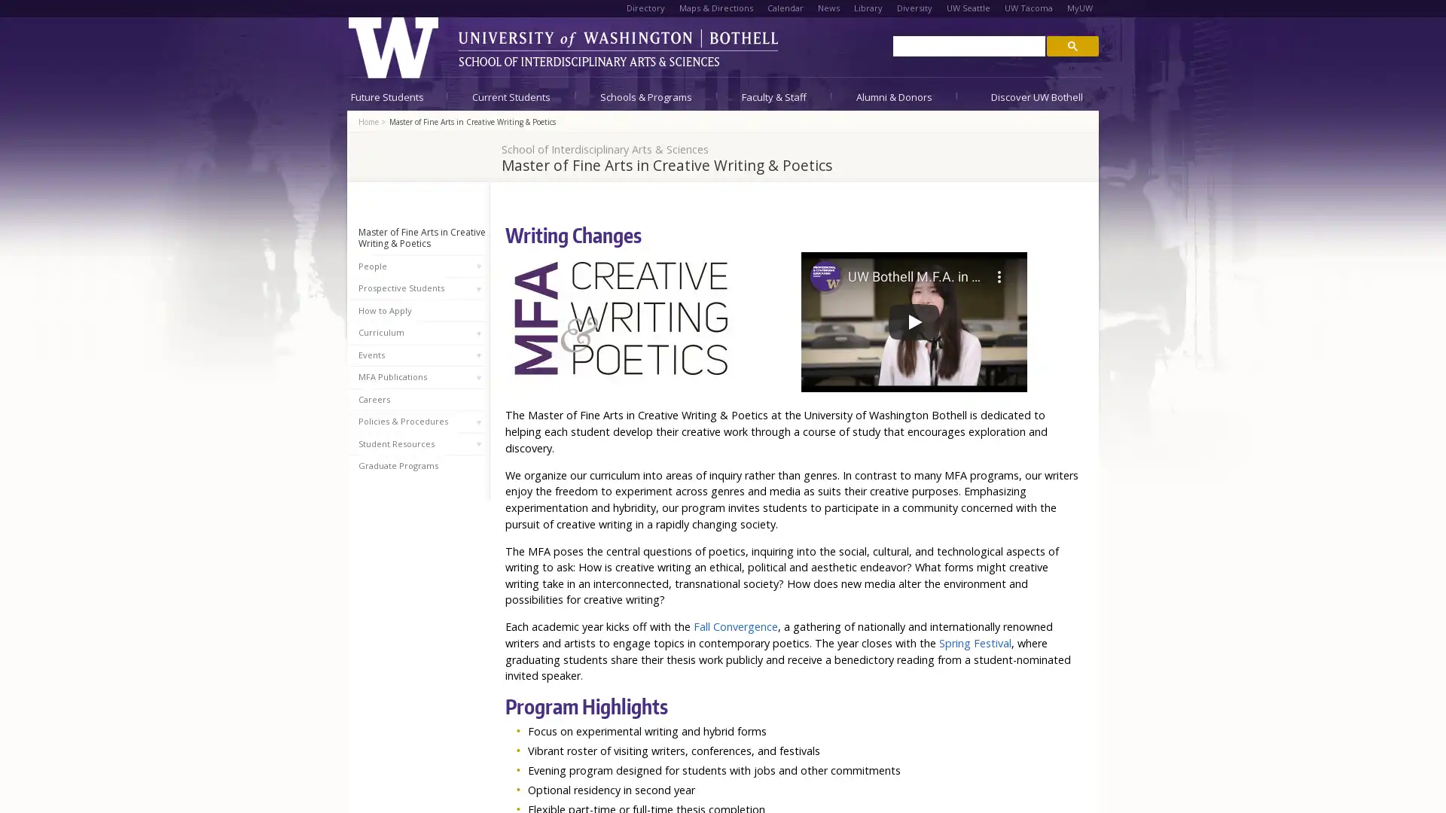 The width and height of the screenshot is (1446, 813). What do you see at coordinates (478, 355) in the screenshot?
I see `Events Submenu` at bounding box center [478, 355].